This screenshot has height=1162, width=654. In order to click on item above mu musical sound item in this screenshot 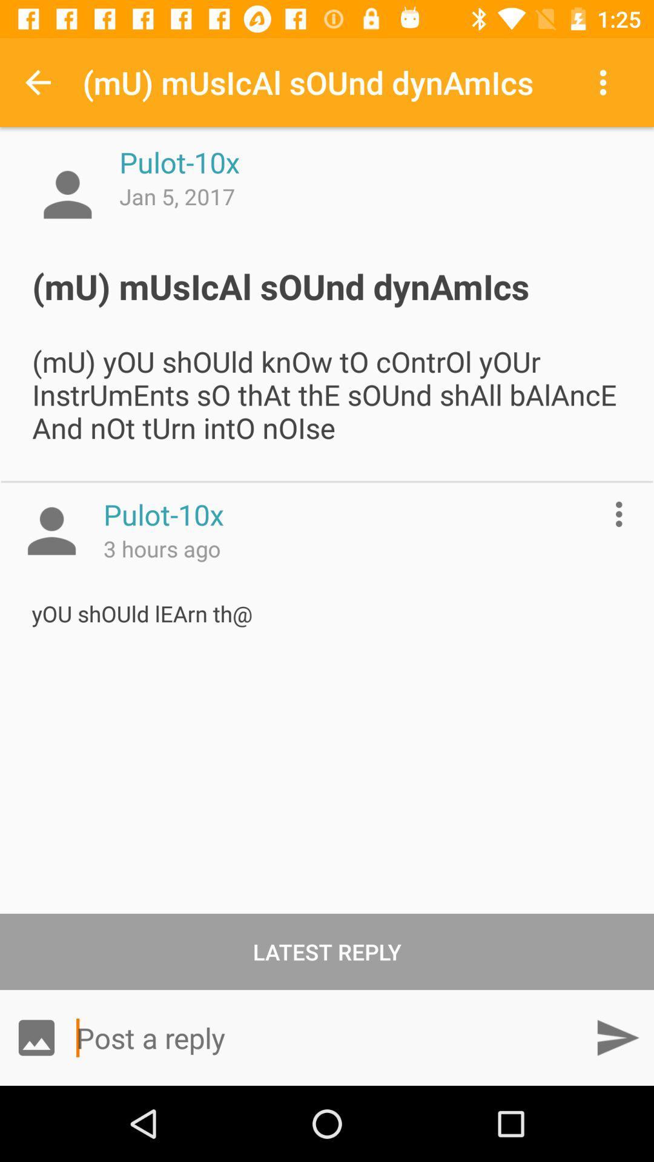, I will do `click(606, 82)`.